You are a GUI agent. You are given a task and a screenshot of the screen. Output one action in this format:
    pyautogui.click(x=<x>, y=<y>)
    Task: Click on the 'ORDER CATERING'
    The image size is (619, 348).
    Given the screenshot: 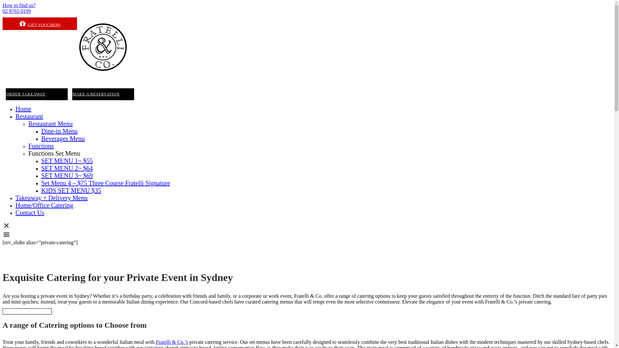 What is the action you would take?
    pyautogui.click(x=27, y=311)
    